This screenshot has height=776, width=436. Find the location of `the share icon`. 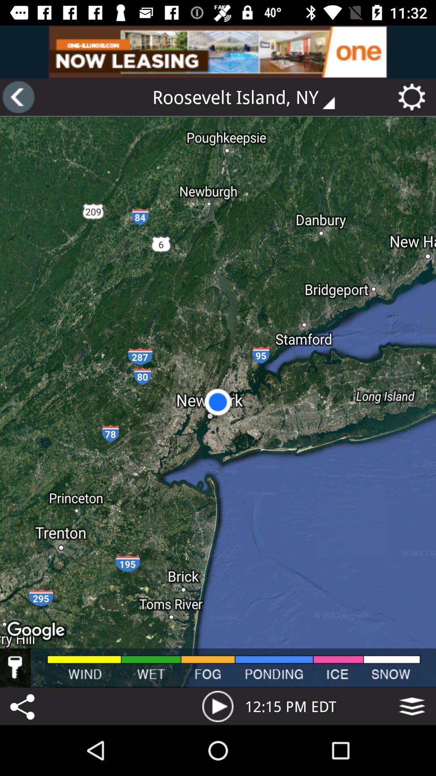

the share icon is located at coordinates (23, 706).